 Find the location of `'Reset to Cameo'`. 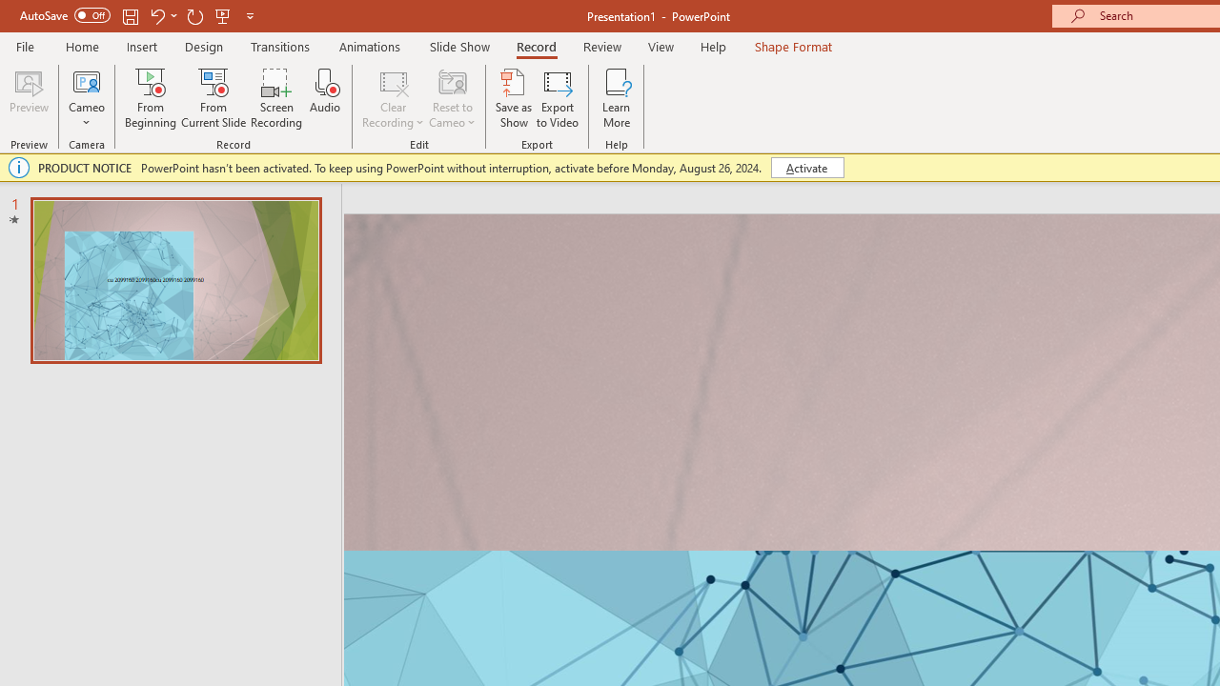

'Reset to Cameo' is located at coordinates (451, 98).